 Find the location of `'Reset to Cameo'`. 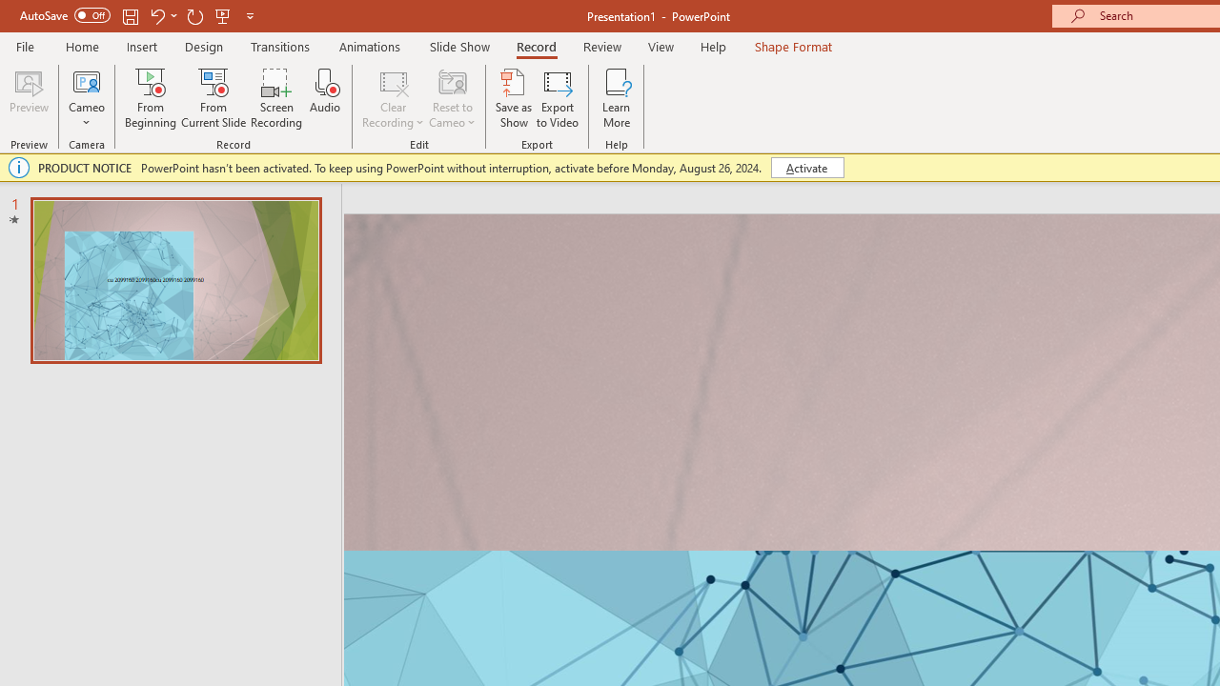

'Reset to Cameo' is located at coordinates (451, 98).